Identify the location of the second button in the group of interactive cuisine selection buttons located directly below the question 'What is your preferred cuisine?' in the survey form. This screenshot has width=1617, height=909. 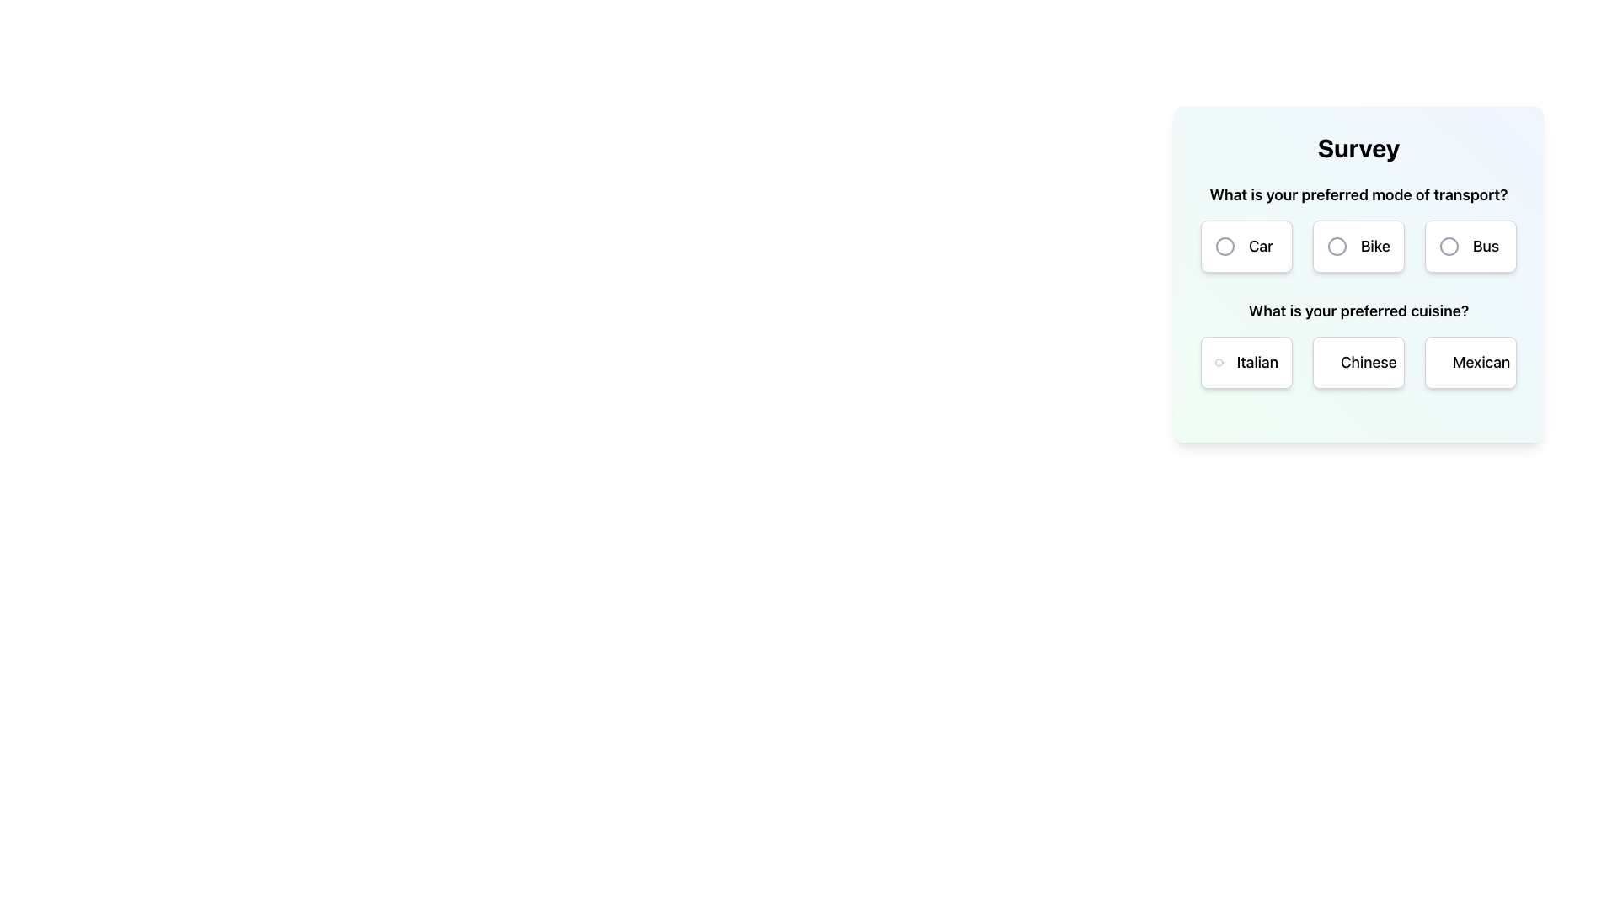
(1358, 362).